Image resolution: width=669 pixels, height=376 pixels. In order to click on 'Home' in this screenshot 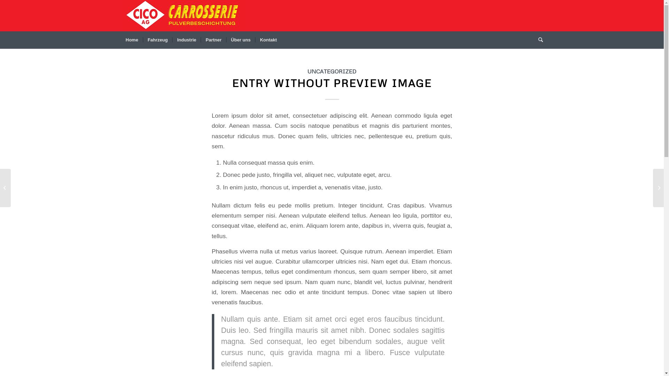, I will do `click(121, 40)`.